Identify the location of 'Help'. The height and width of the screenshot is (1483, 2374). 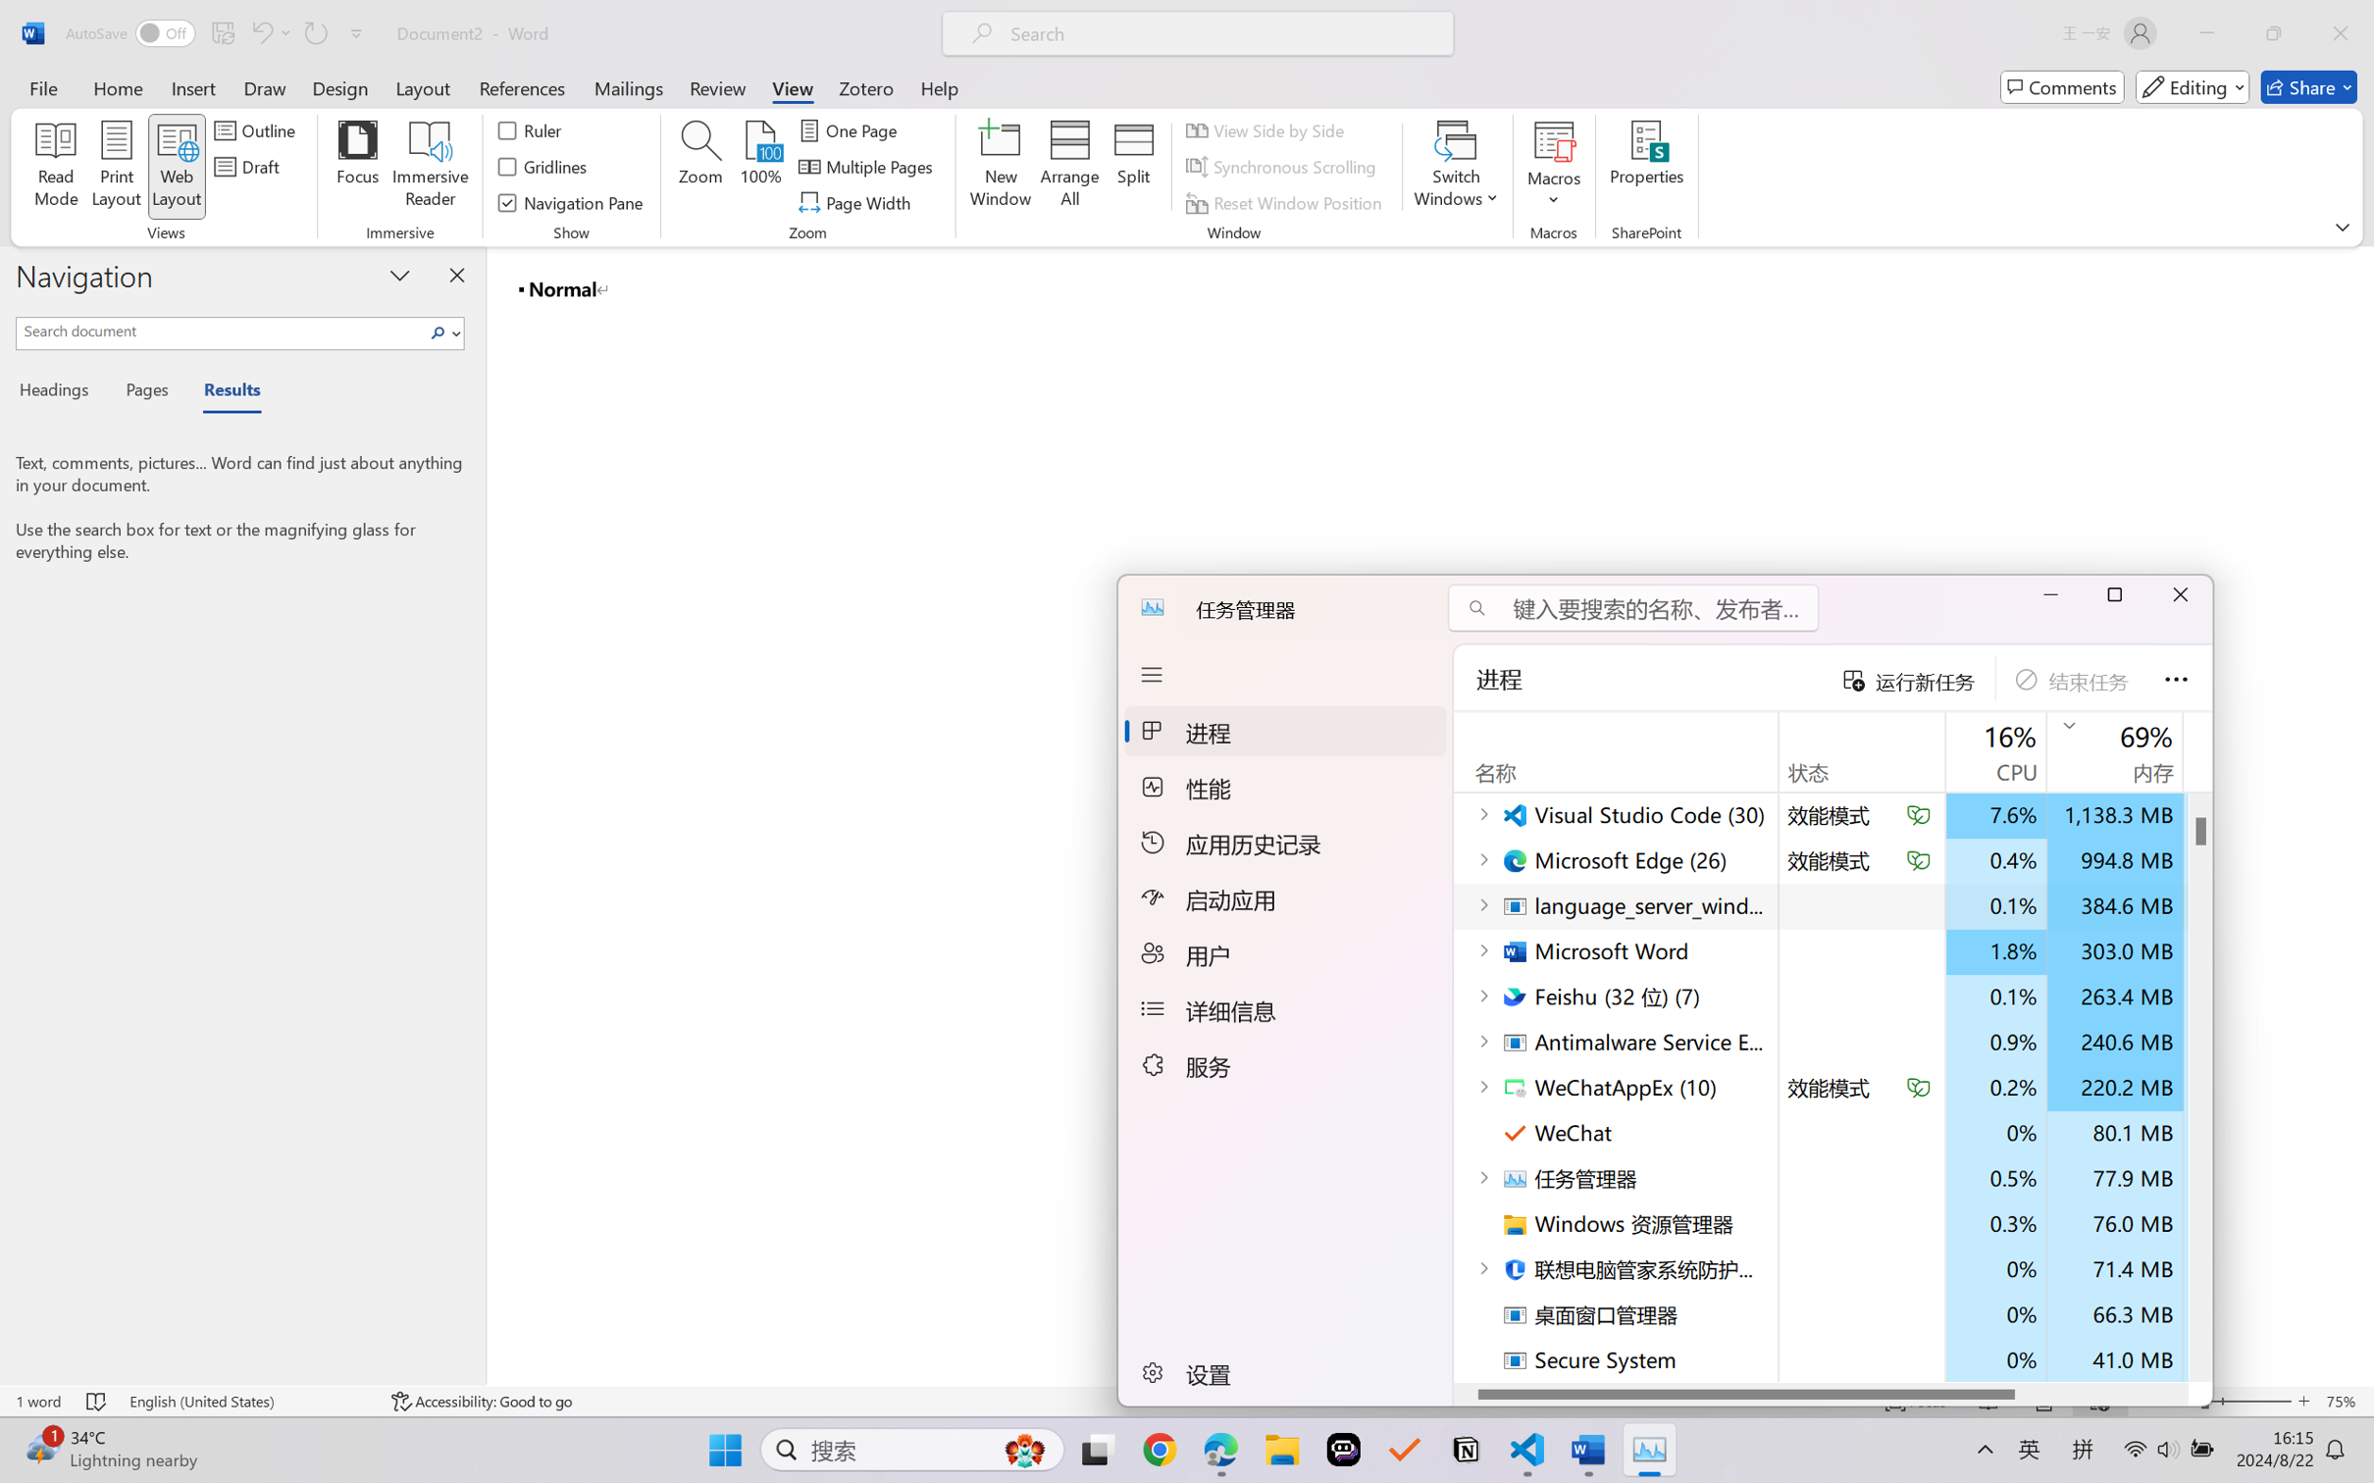
(938, 86).